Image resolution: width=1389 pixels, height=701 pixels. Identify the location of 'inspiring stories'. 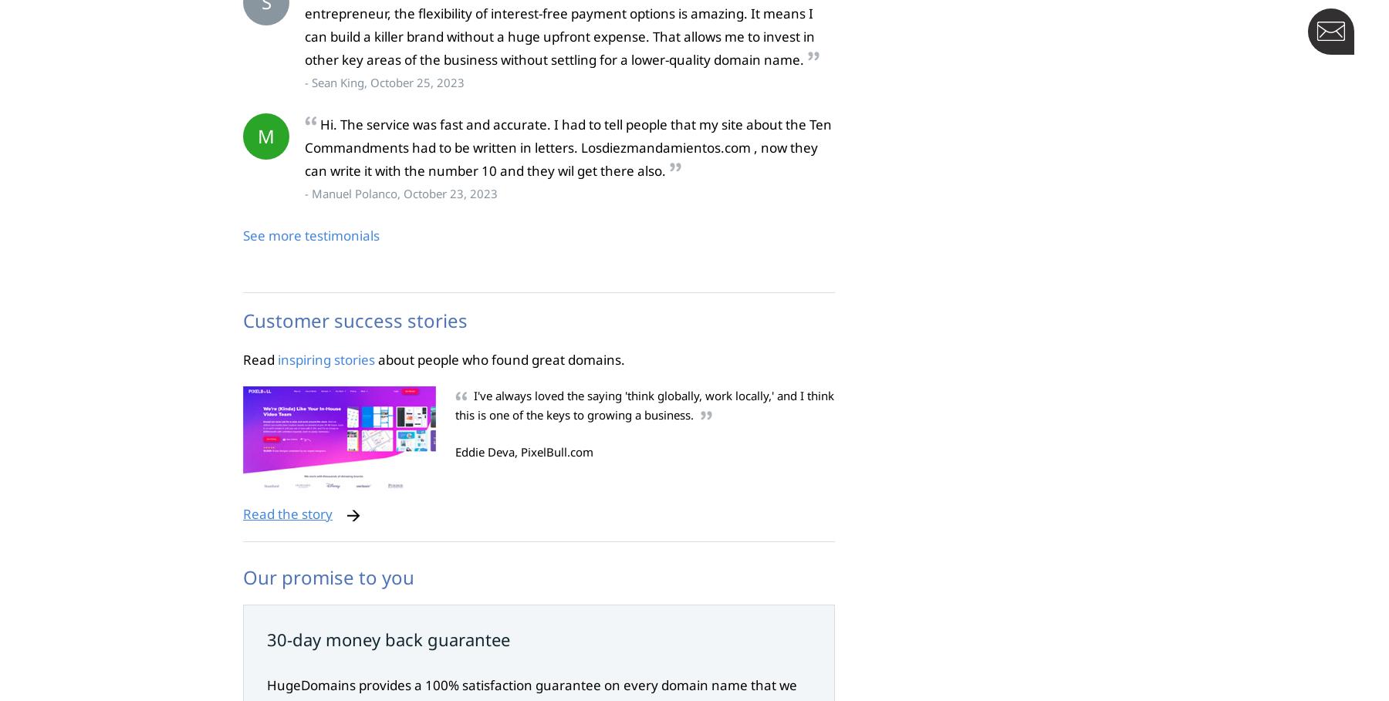
(326, 359).